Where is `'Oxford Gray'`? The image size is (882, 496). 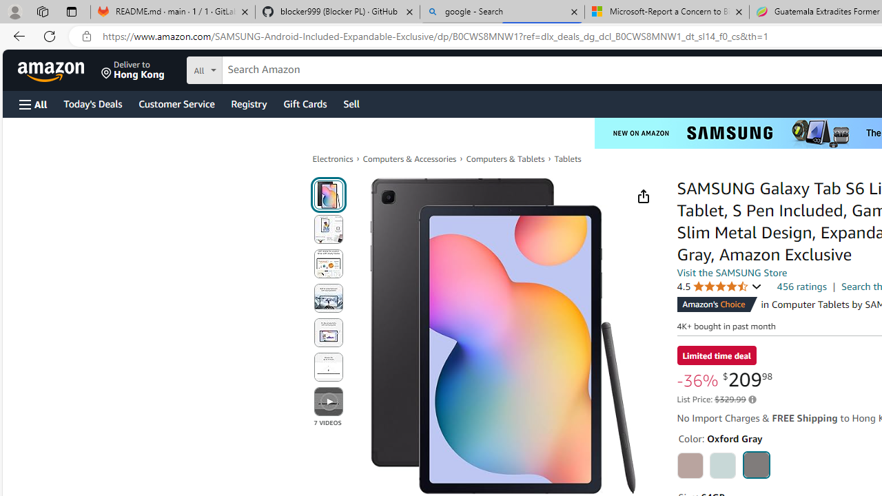 'Oxford Gray' is located at coordinates (755, 464).